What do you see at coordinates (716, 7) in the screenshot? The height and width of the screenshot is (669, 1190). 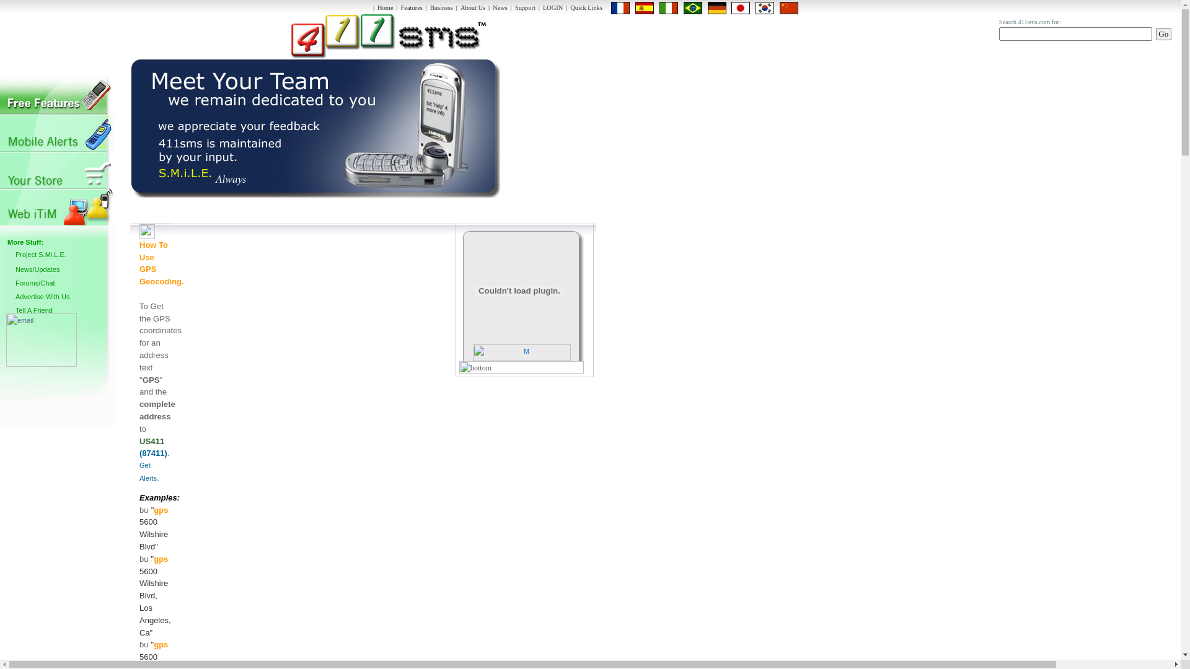 I see `'Deutsch/German'` at bounding box center [716, 7].